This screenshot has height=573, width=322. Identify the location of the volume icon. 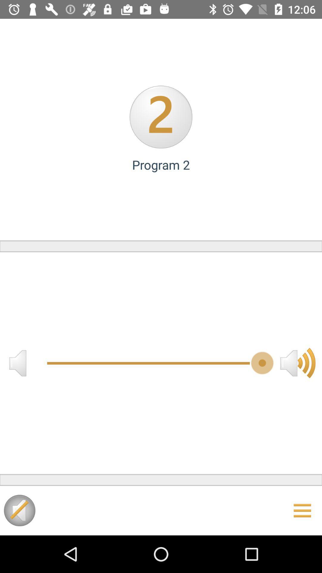
(19, 510).